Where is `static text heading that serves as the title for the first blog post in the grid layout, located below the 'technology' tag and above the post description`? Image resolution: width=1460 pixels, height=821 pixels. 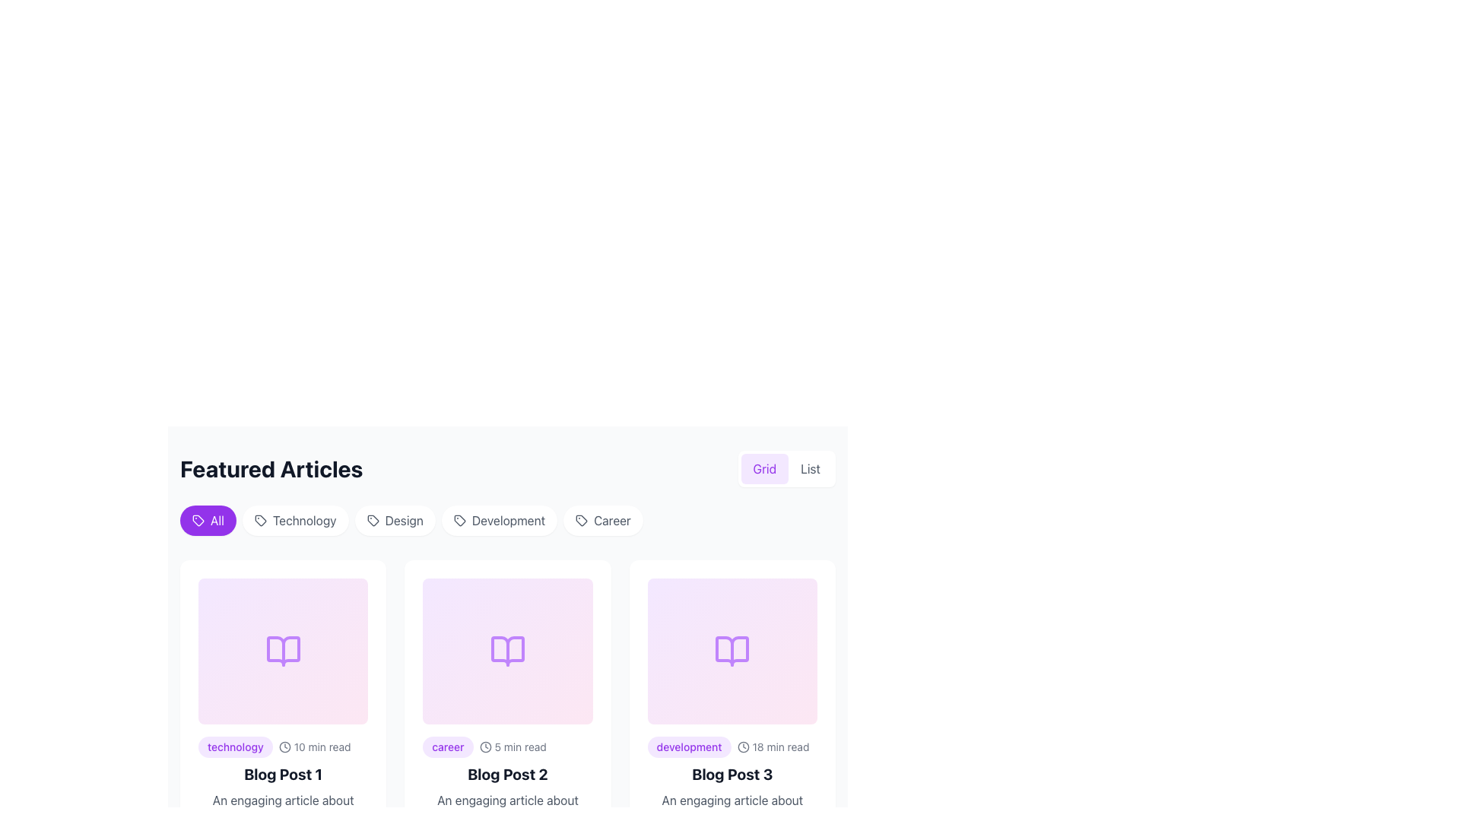 static text heading that serves as the title for the first blog post in the grid layout, located below the 'technology' tag and above the post description is located at coordinates (283, 774).